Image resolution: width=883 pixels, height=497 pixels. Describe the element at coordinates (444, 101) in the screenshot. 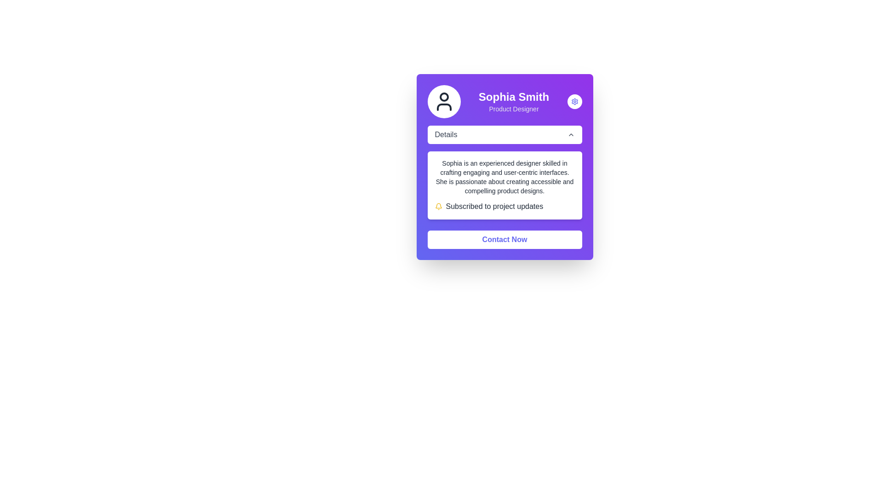

I see `the Profile Icon Placeholder, which is a circular component with a white background and a black user icon` at that location.